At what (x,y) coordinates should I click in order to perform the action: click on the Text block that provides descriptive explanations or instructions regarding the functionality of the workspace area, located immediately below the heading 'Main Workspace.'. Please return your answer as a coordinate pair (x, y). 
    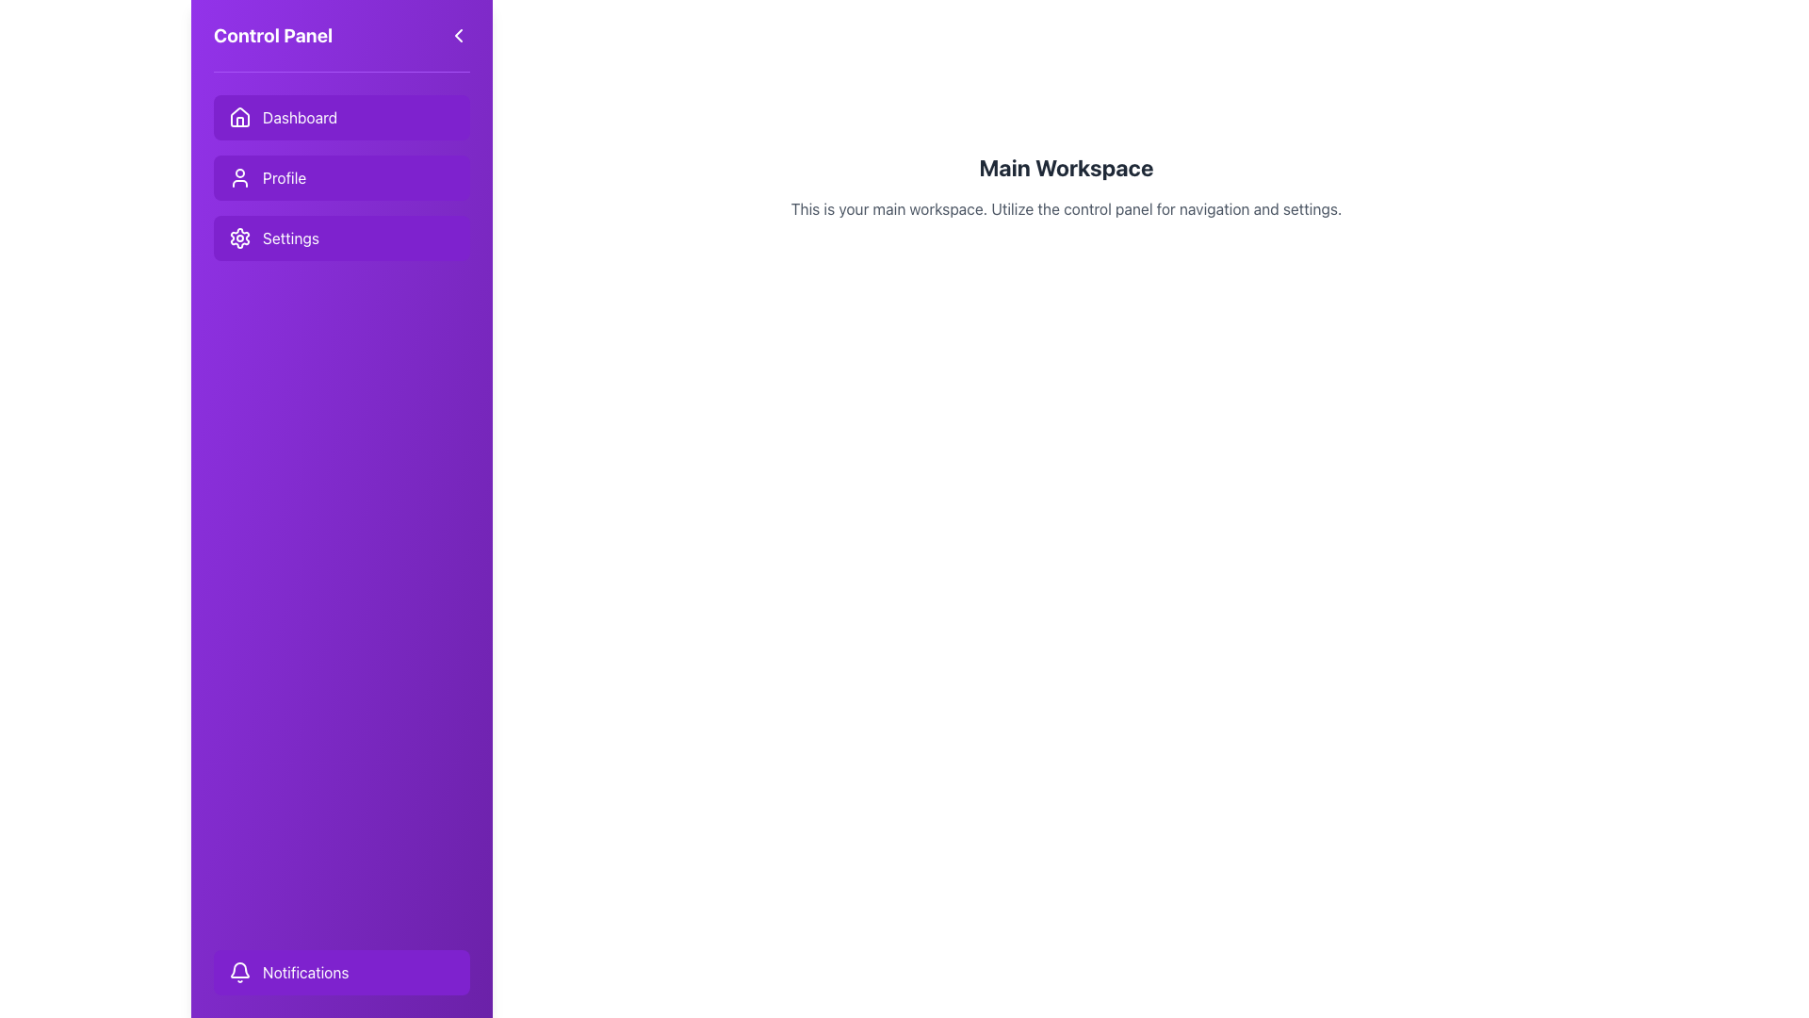
    Looking at the image, I should click on (1067, 209).